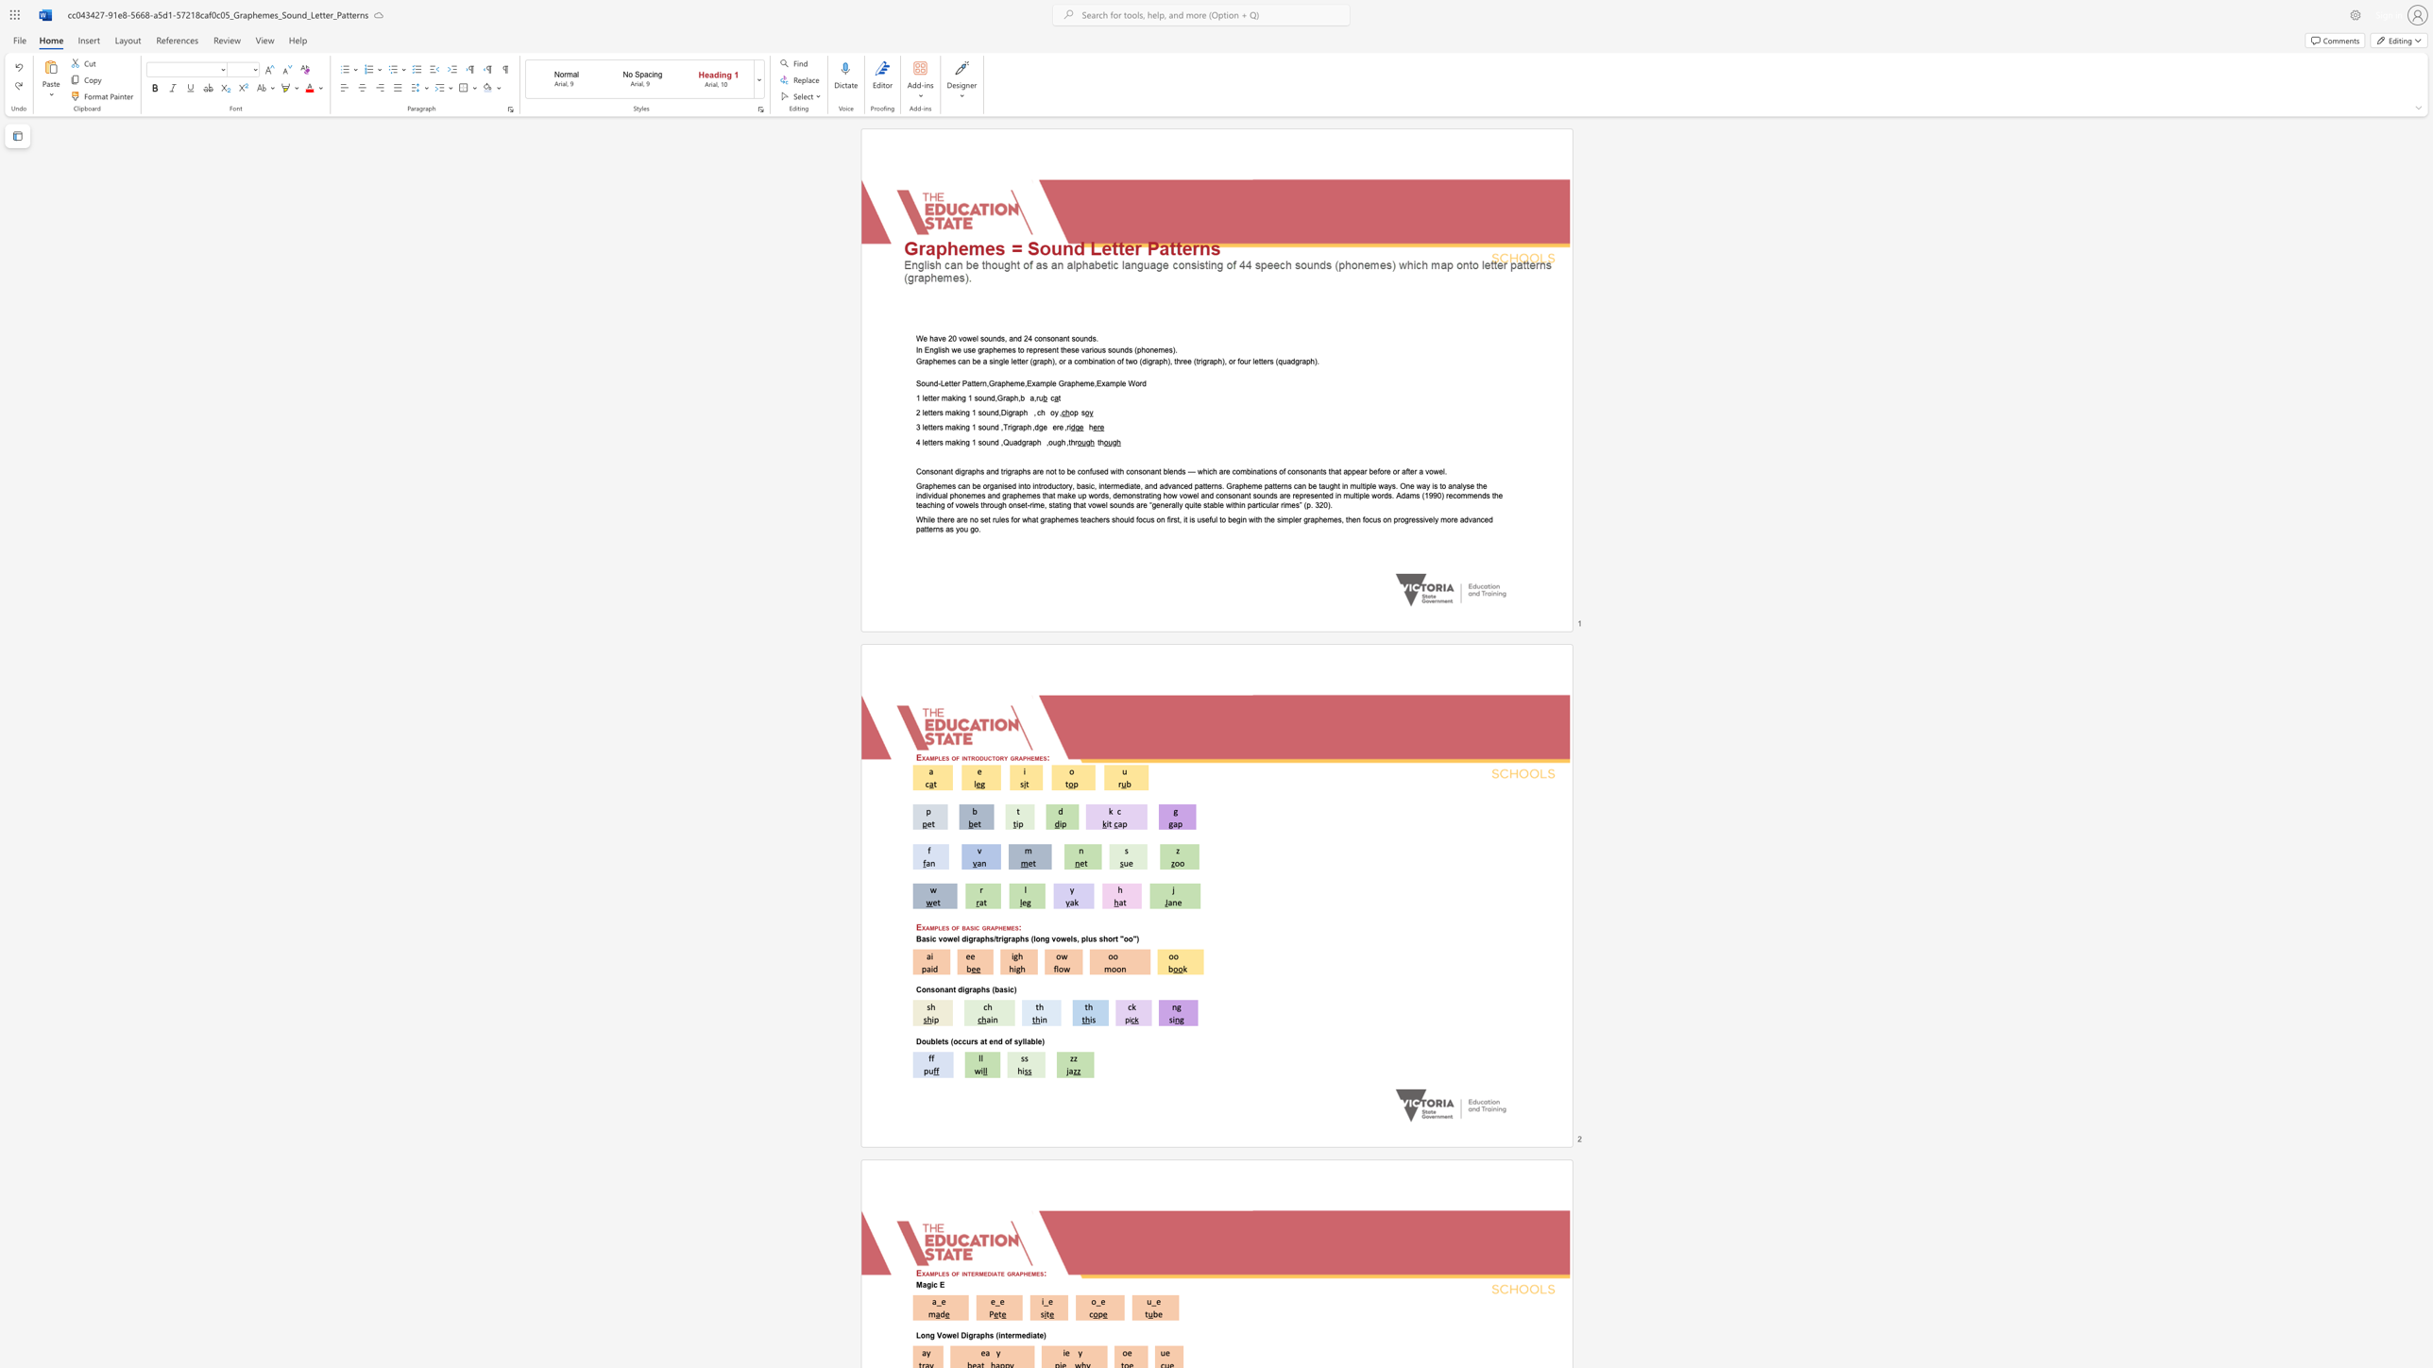  I want to click on the space between the continuous character "l" and "l" in the text, so click(1024, 1040).